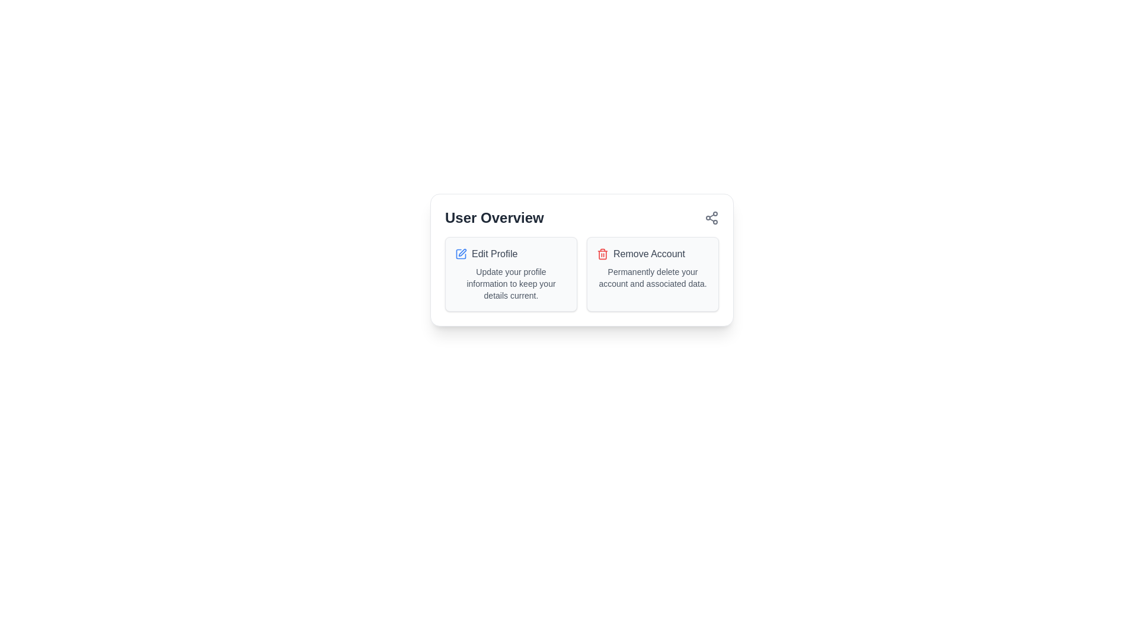 Image resolution: width=1138 pixels, height=640 pixels. What do you see at coordinates (494, 253) in the screenshot?
I see `the 'Edit Profile' text label, which is displayed in a medium-weight font and neutral gray color, located next to a blue editing icon within the 'User Overview' section` at bounding box center [494, 253].